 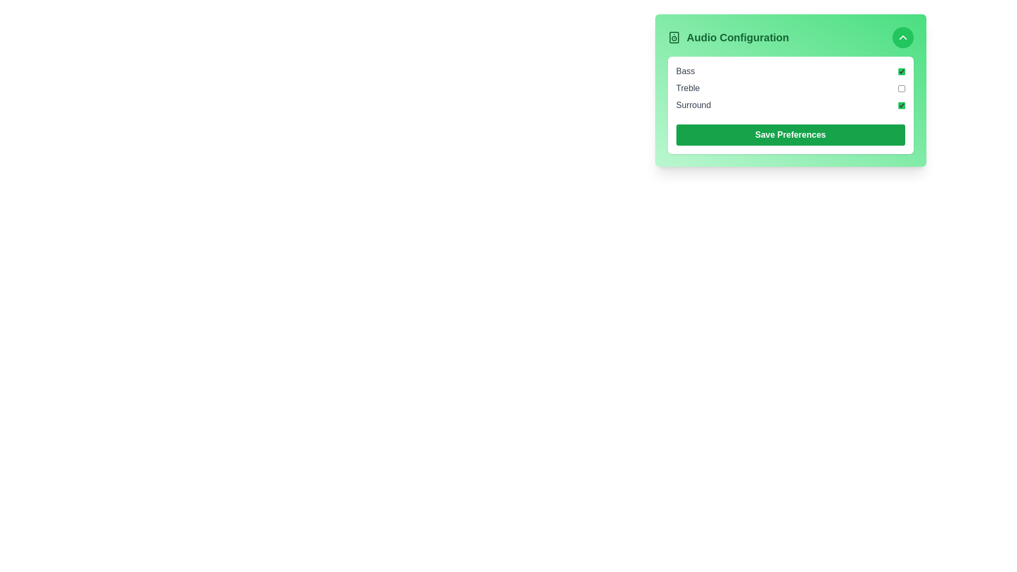 What do you see at coordinates (902, 37) in the screenshot?
I see `the upward-pointing chevron icon within the bright green circular button located in the 'Audio Configuration' panel` at bounding box center [902, 37].